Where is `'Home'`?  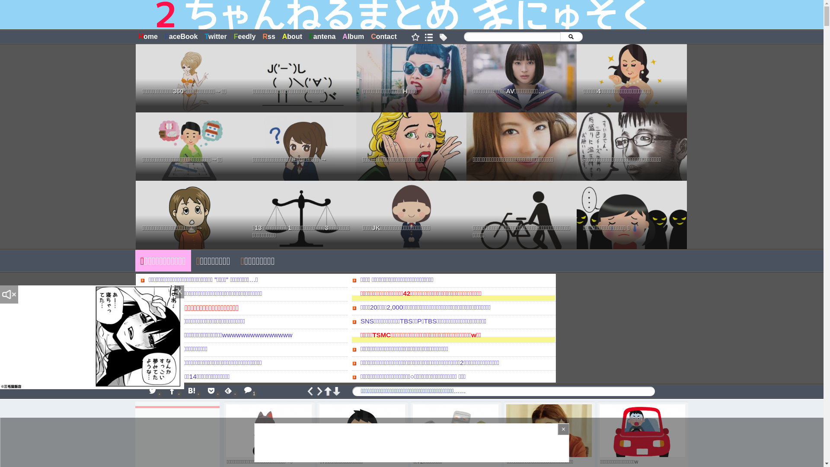
'Home' is located at coordinates (147, 36).